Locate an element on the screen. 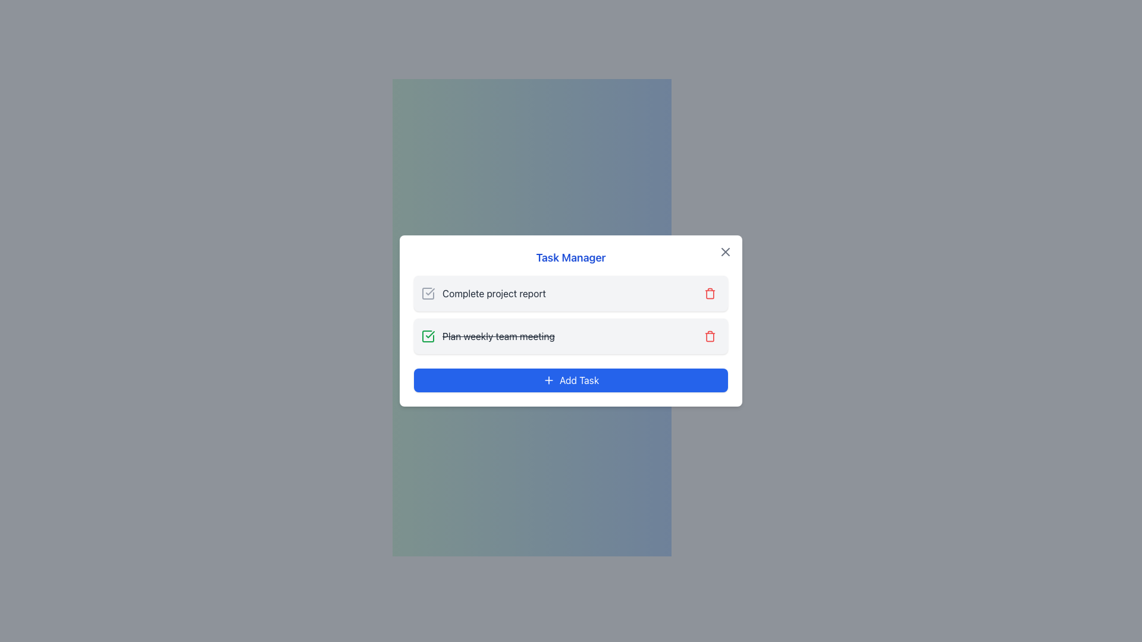 Image resolution: width=1142 pixels, height=642 pixels. the delete button with the trash can icon for the task 'Plan weekly team meeting' is located at coordinates (710, 336).